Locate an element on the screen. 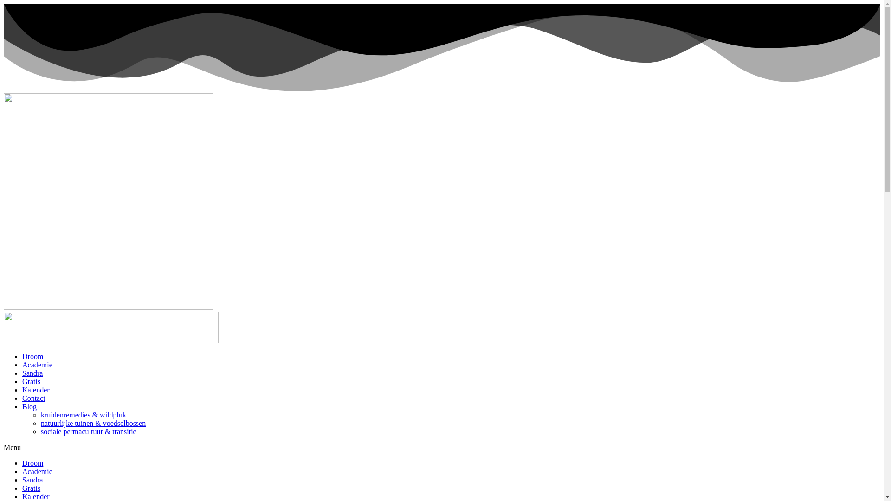 The image size is (891, 501). 'sociale permacultuur & transitie' is located at coordinates (89, 431).